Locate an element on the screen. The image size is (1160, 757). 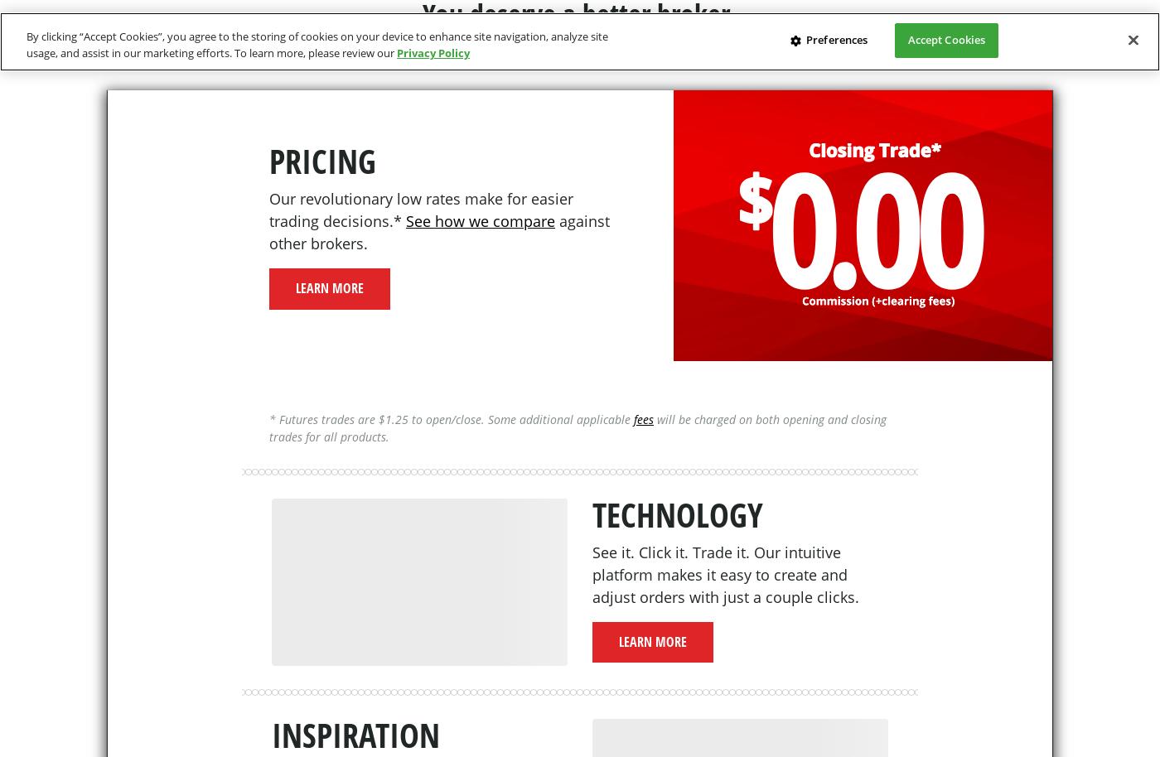
'* Futures trades are $1.25 to open/close. Some additional applicable' is located at coordinates (452, 417).